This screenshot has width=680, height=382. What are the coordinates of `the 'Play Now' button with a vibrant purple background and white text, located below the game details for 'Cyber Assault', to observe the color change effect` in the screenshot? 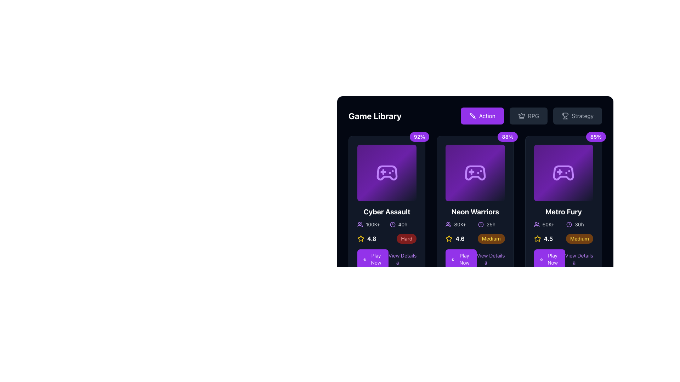 It's located at (372, 259).